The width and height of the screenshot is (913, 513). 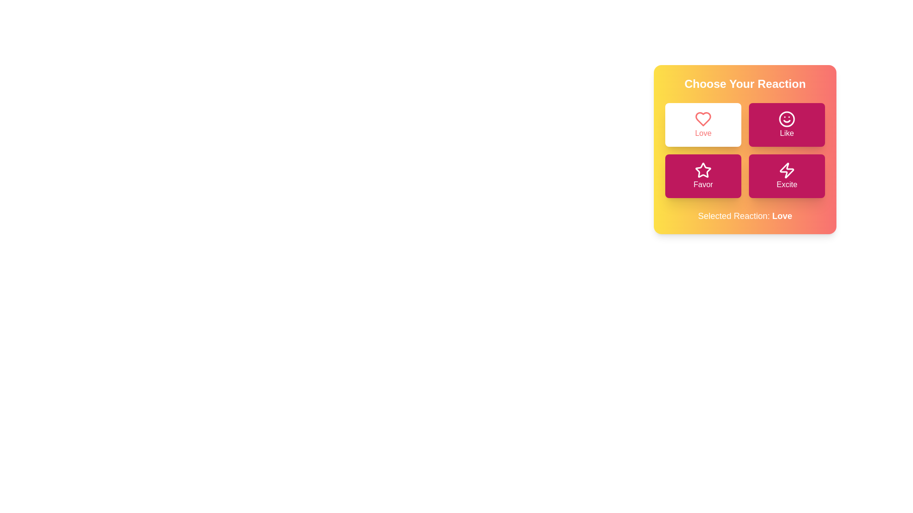 What do you see at coordinates (787, 176) in the screenshot?
I see `the button corresponding to the reaction Excite` at bounding box center [787, 176].